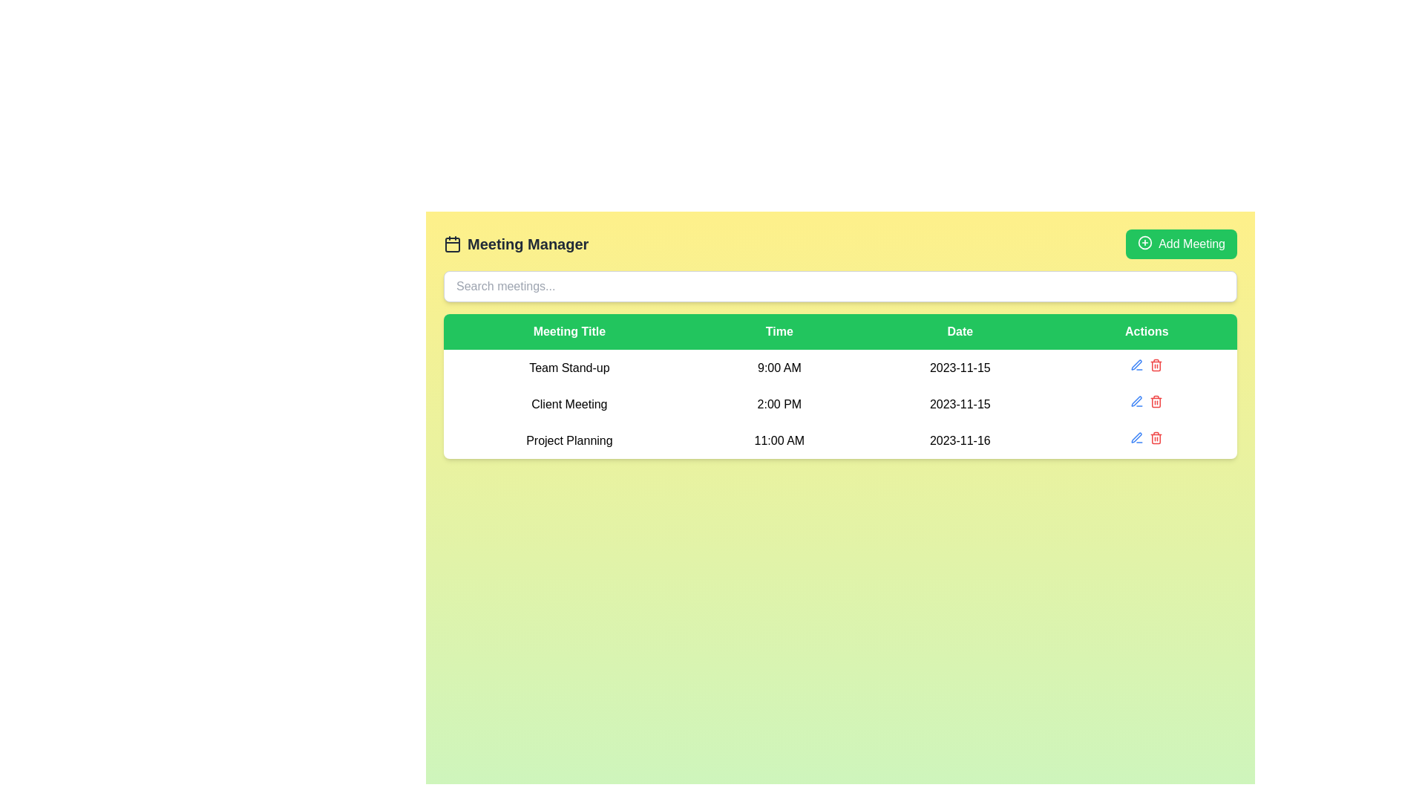 This screenshot has width=1425, height=802. Describe the element at coordinates (1136, 437) in the screenshot. I see `the edit button located in the 'Actions' column of the third row in the visible table` at that location.